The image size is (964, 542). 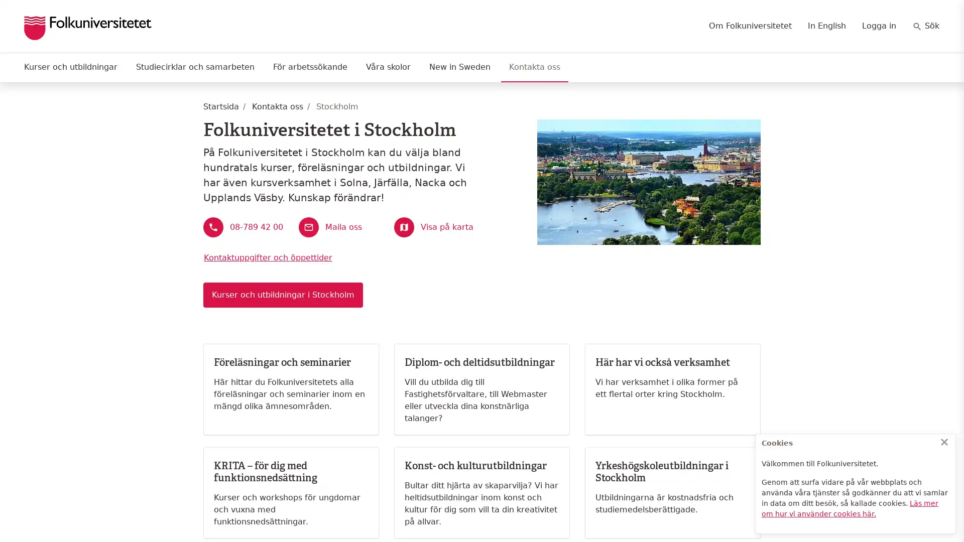 I want to click on Stang, so click(x=944, y=441).